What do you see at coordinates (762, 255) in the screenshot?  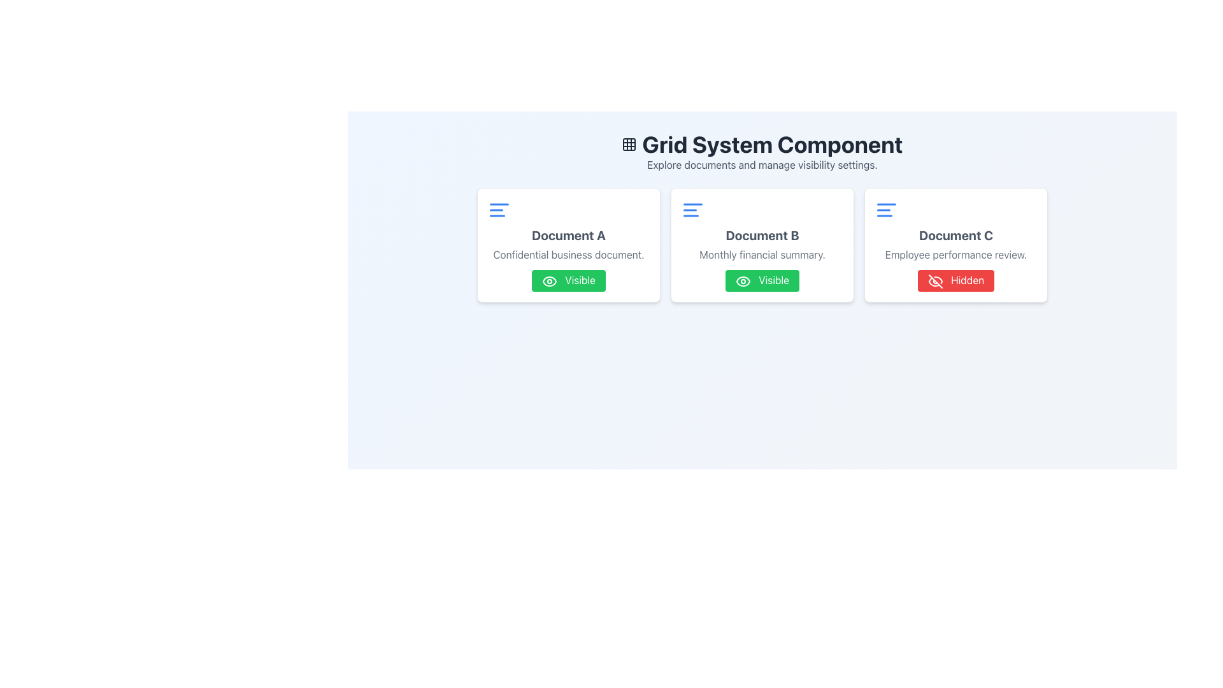 I see `the gray text label reading 'Monthly financial summary' located under 'Document B' and above the green 'Visible' button within the white card` at bounding box center [762, 255].